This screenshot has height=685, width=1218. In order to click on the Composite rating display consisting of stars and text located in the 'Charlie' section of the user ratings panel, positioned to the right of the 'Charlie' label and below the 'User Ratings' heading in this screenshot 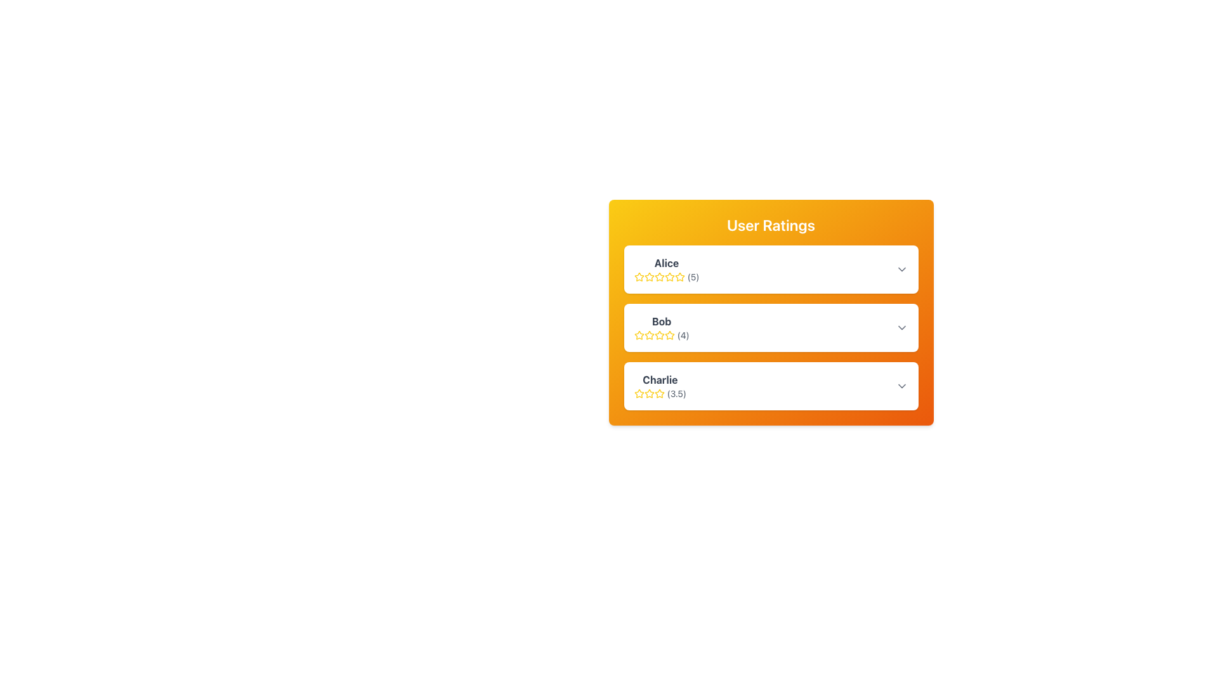, I will do `click(660, 393)`.